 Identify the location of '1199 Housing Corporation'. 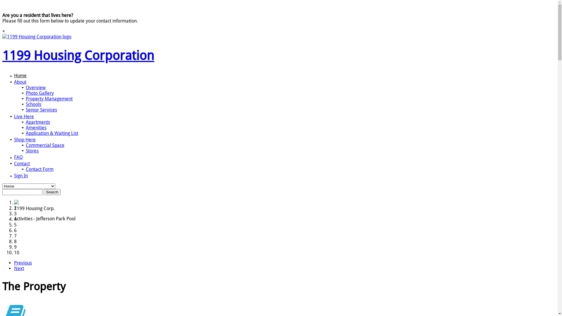
(78, 55).